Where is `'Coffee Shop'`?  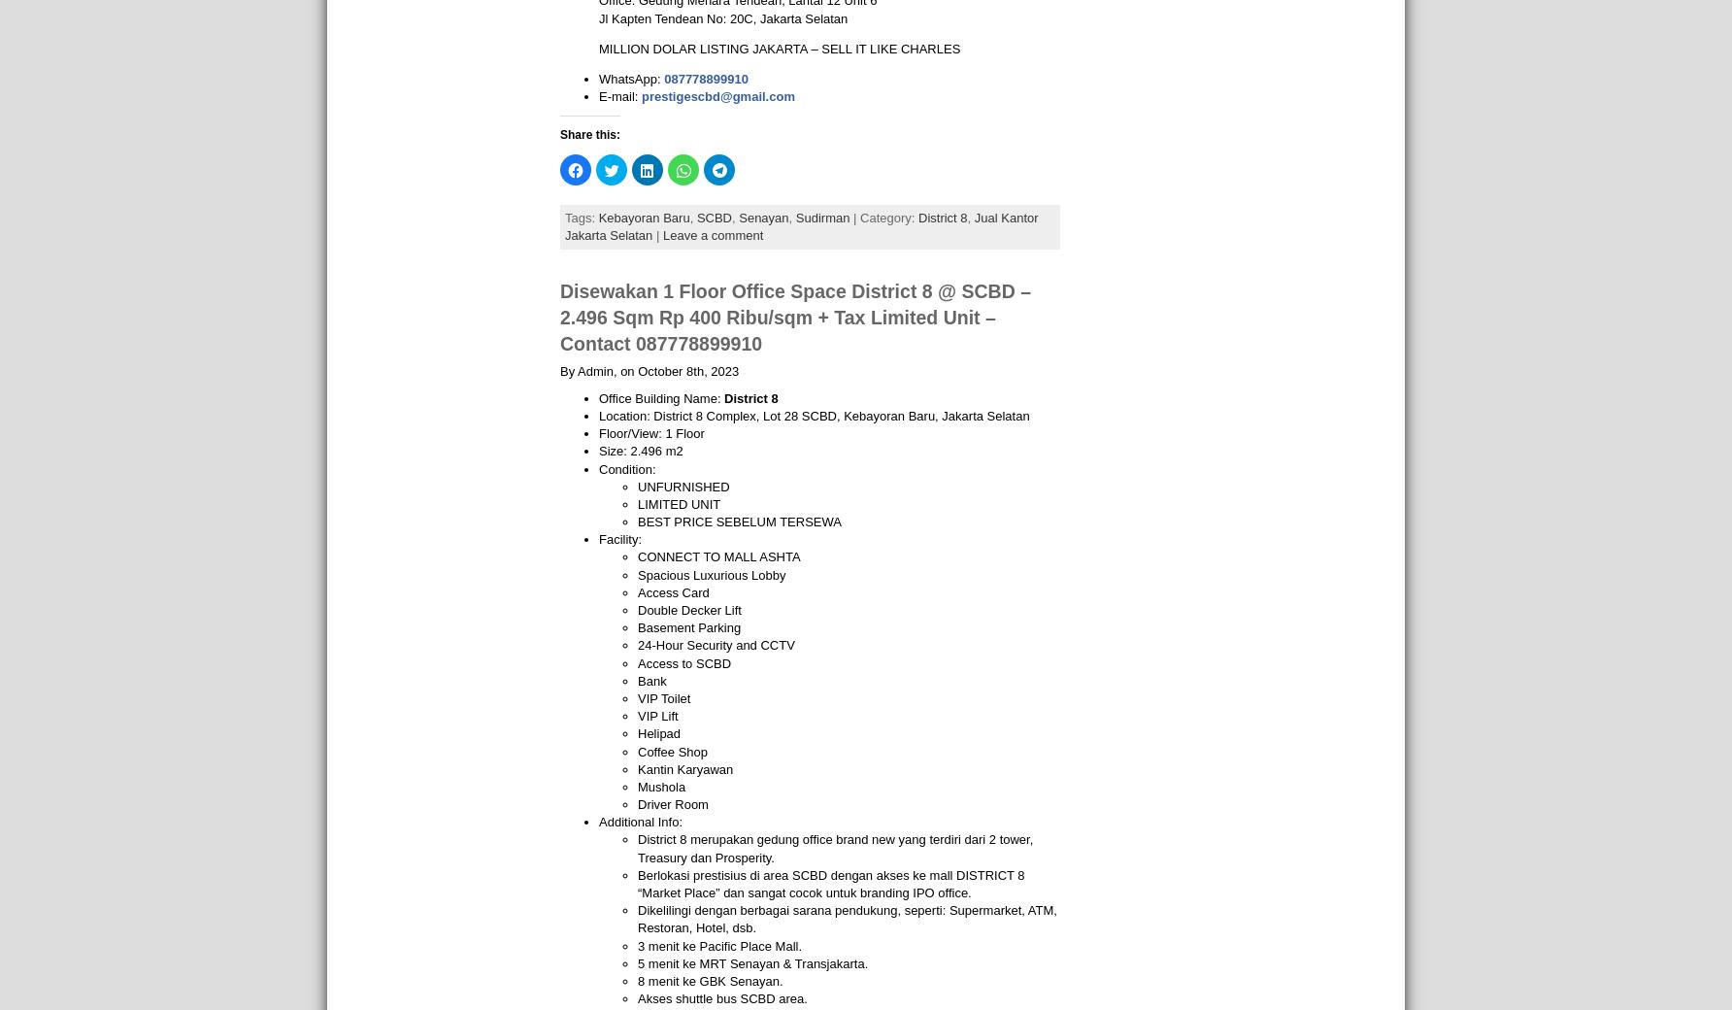
'Coffee Shop' is located at coordinates (673, 751).